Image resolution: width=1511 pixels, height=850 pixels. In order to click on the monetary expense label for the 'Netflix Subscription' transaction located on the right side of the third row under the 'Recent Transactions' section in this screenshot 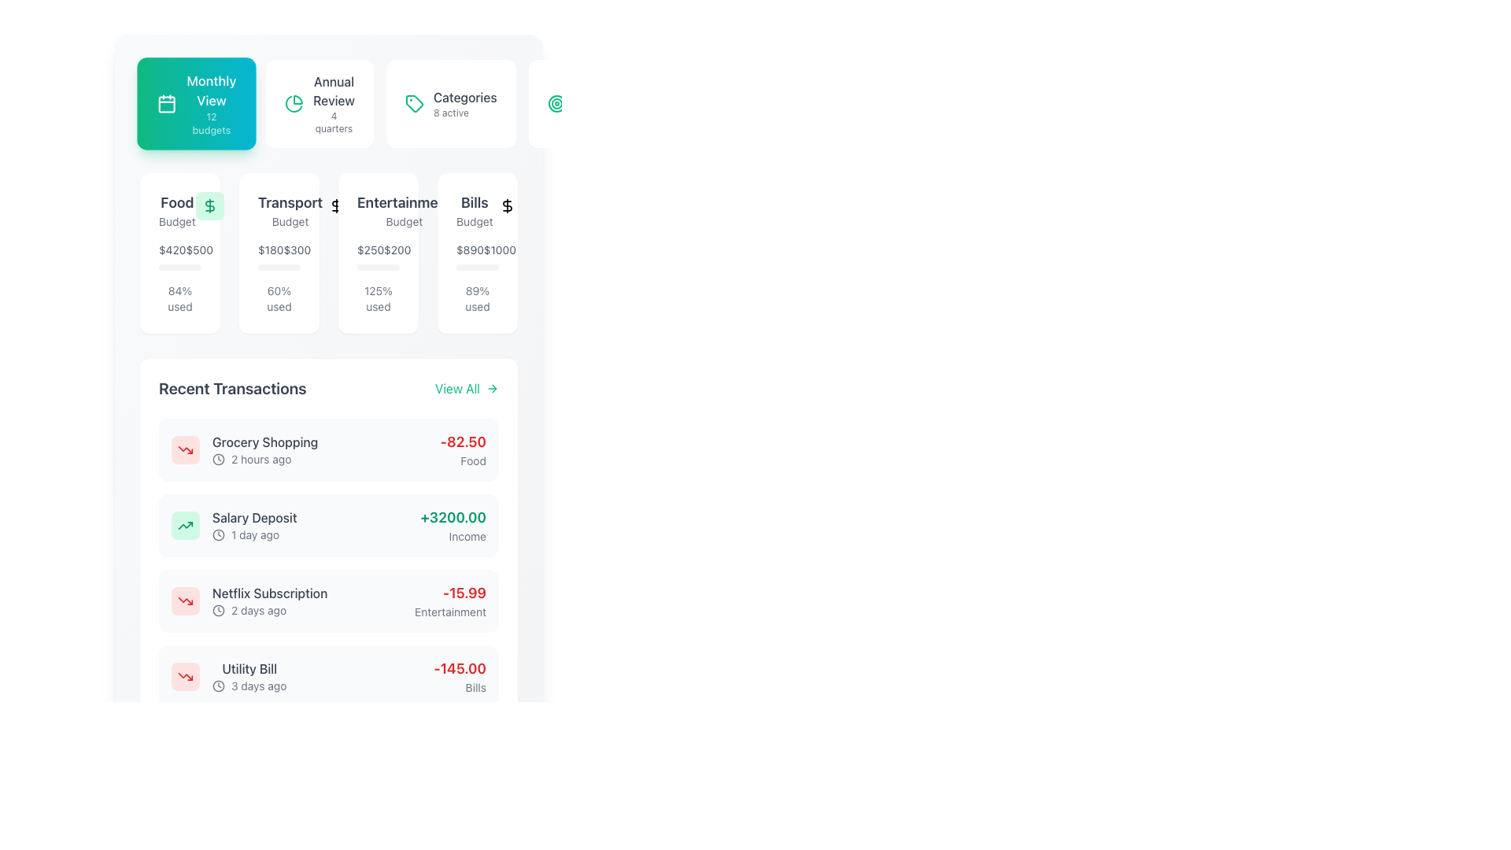, I will do `click(449, 601)`.